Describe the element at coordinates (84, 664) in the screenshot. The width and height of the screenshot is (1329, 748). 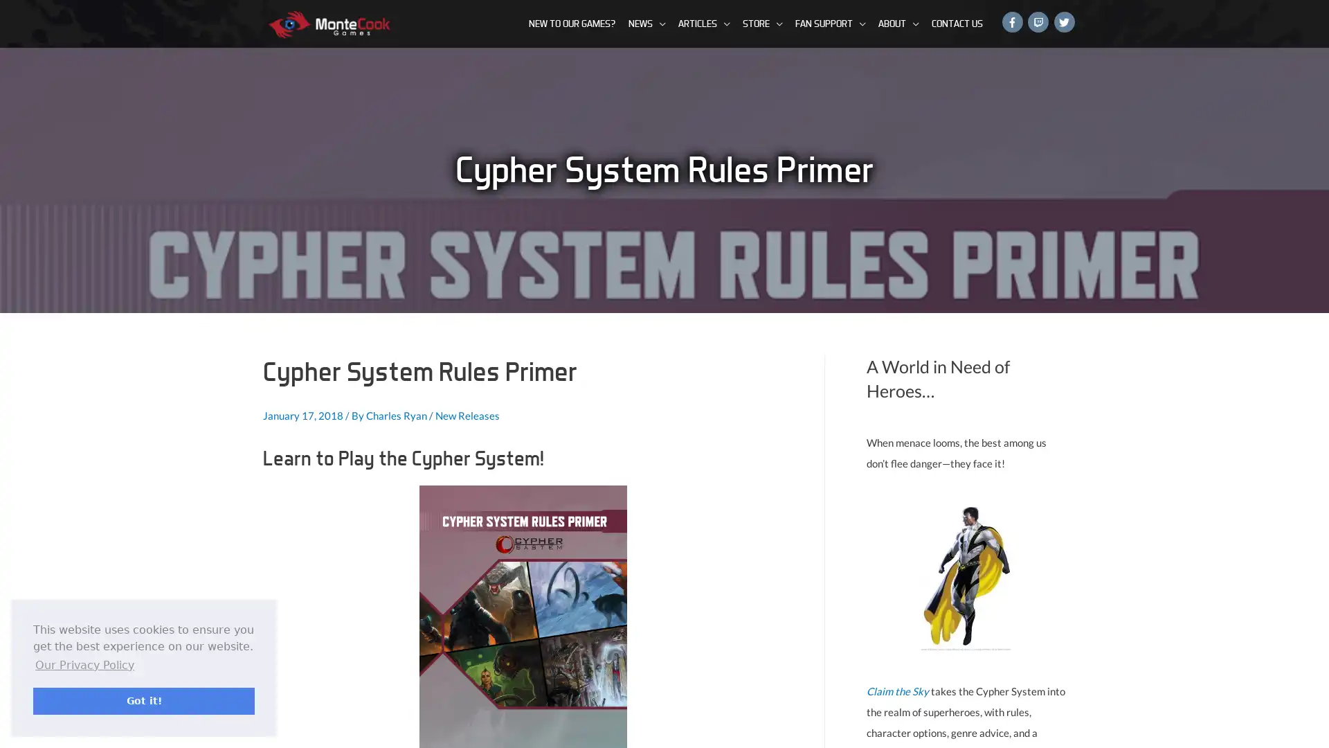
I see `learn more about cookies` at that location.